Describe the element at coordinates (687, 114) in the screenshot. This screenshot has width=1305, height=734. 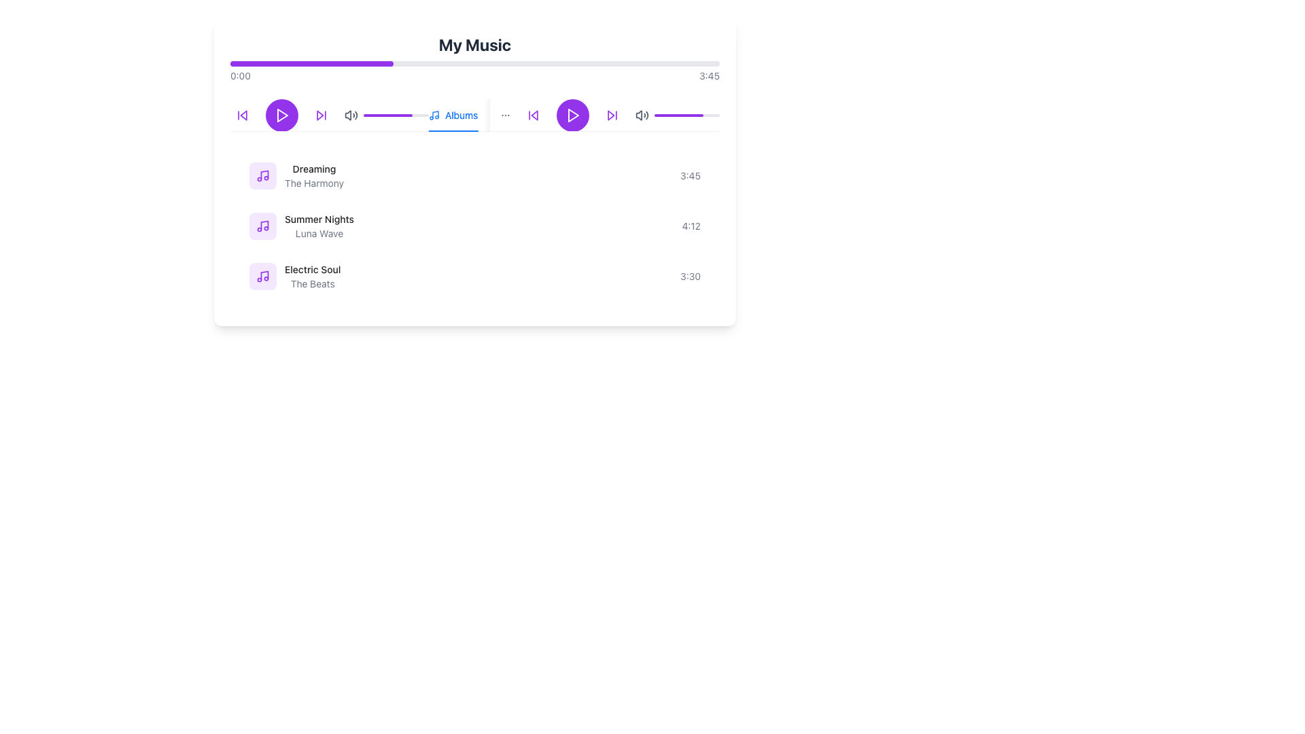
I see `volume` at that location.